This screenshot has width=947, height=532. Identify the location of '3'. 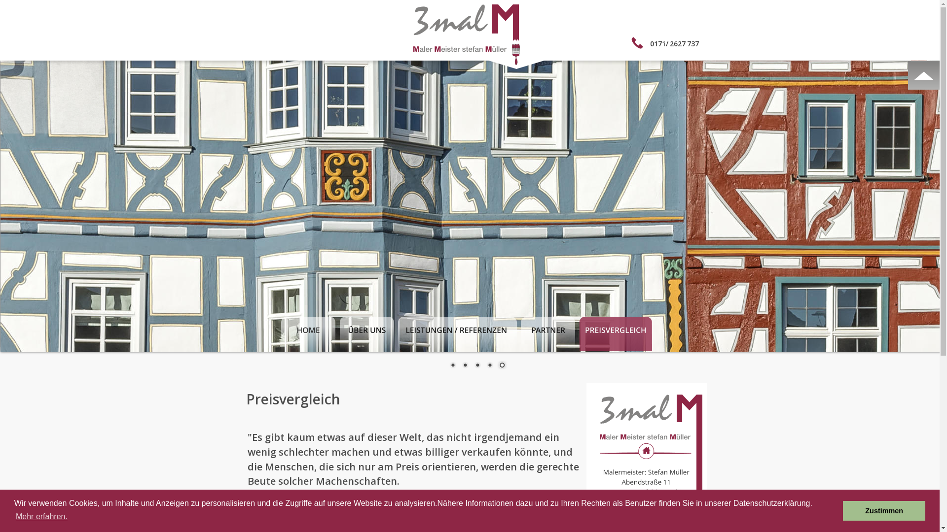
(476, 366).